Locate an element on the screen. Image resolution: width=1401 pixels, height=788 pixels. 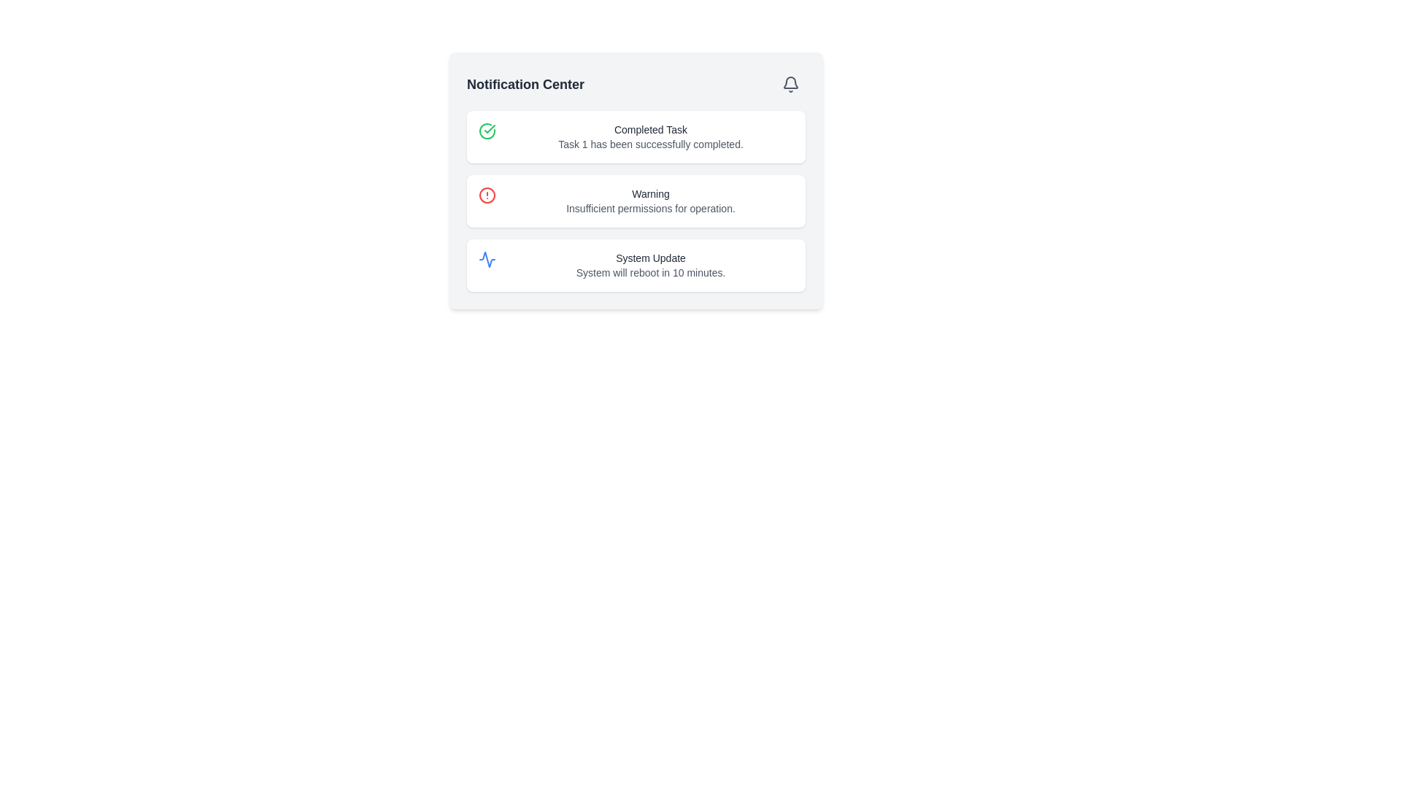
the Status Indicator Icon, which is a green circle with a white checkmark, located in the top-left corner of the 'Completed Task' notification card is located at coordinates (487, 131).